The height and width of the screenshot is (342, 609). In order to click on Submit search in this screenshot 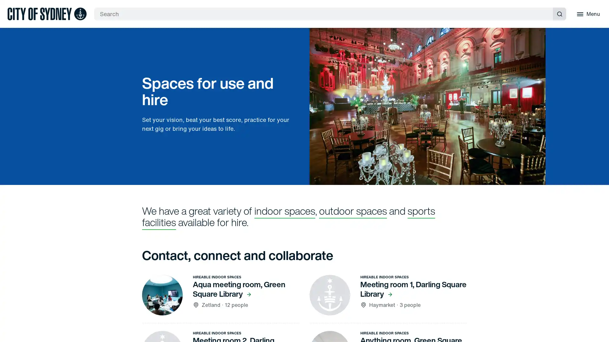, I will do `click(559, 14)`.